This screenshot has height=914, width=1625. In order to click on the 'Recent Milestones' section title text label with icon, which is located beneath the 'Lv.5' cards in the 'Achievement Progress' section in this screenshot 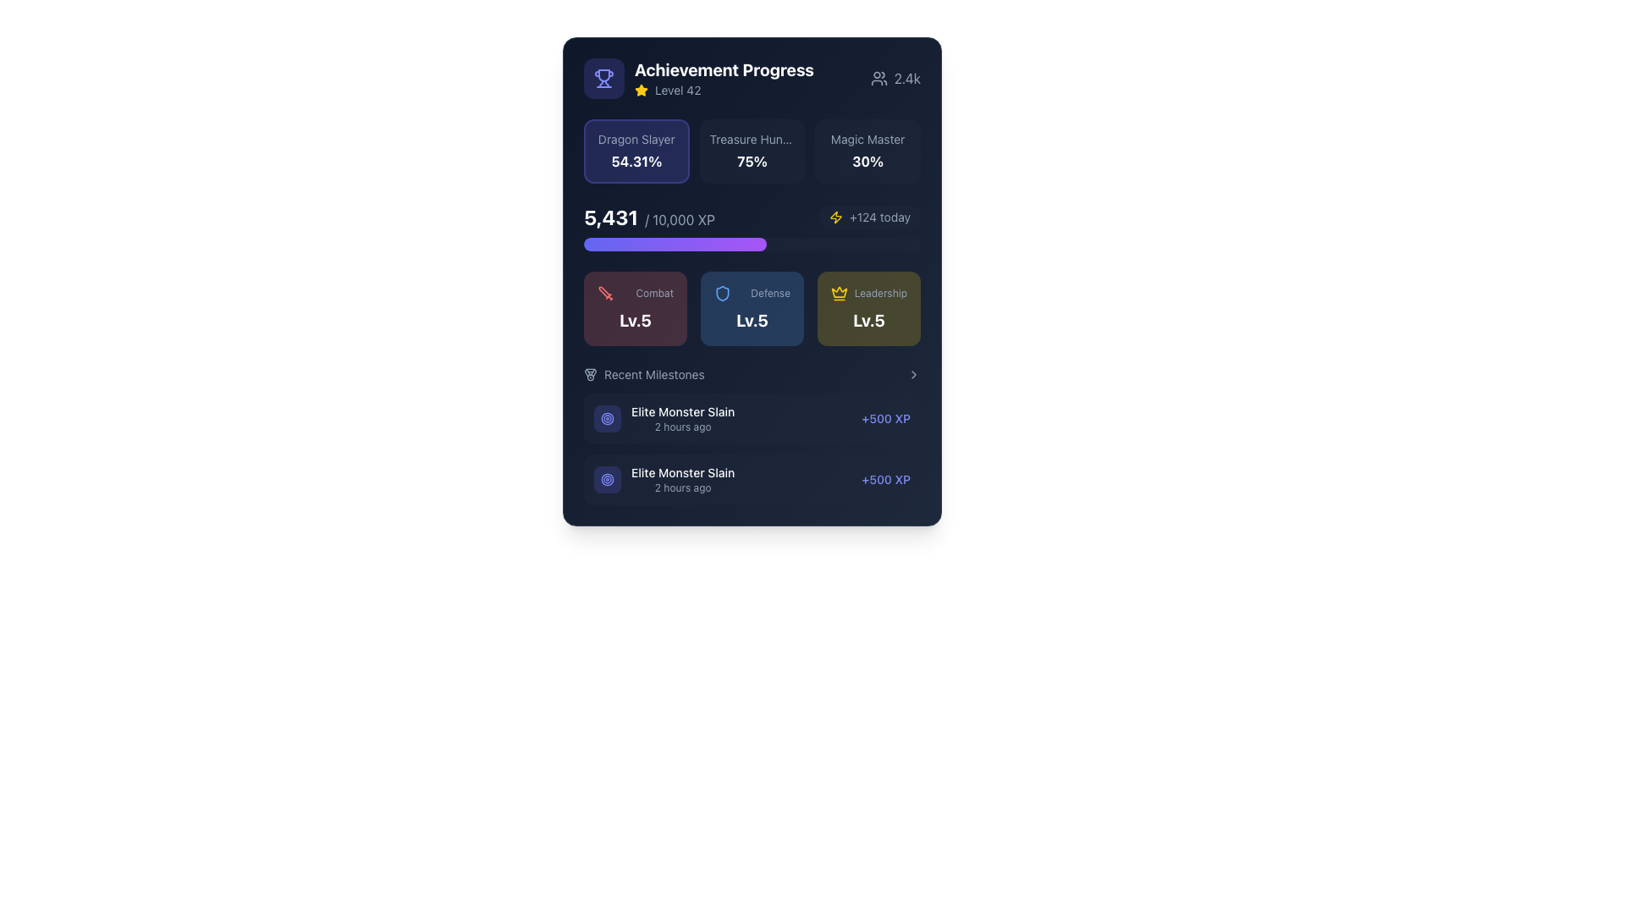, I will do `click(643, 374)`.